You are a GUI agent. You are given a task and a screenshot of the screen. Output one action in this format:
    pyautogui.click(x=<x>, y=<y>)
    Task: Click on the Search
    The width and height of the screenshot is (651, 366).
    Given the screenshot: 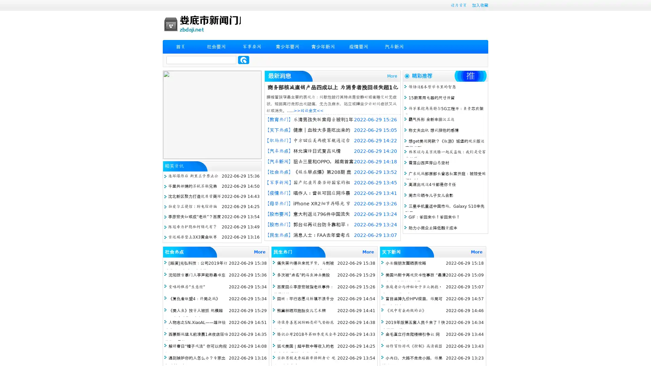 What is the action you would take?
    pyautogui.click(x=243, y=60)
    